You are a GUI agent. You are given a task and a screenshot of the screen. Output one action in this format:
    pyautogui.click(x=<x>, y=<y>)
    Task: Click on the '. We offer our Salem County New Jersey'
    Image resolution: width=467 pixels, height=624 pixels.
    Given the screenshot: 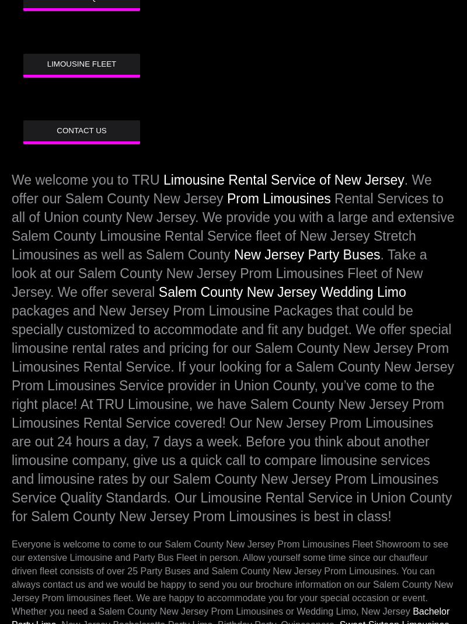 What is the action you would take?
    pyautogui.click(x=221, y=189)
    